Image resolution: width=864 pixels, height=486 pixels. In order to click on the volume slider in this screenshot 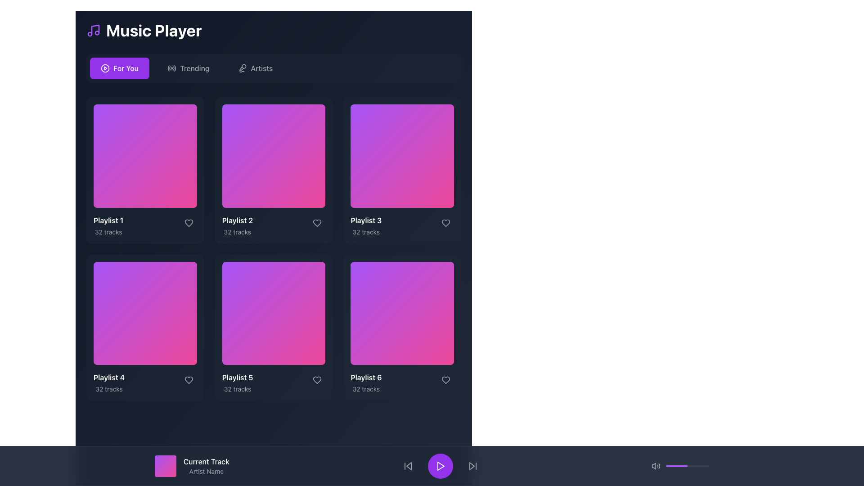, I will do `click(686, 466)`.